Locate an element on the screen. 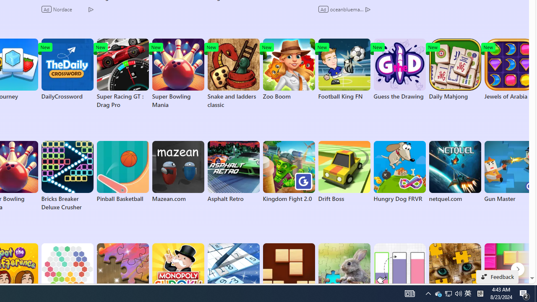  'Guess the Drawing' is located at coordinates (399, 69).